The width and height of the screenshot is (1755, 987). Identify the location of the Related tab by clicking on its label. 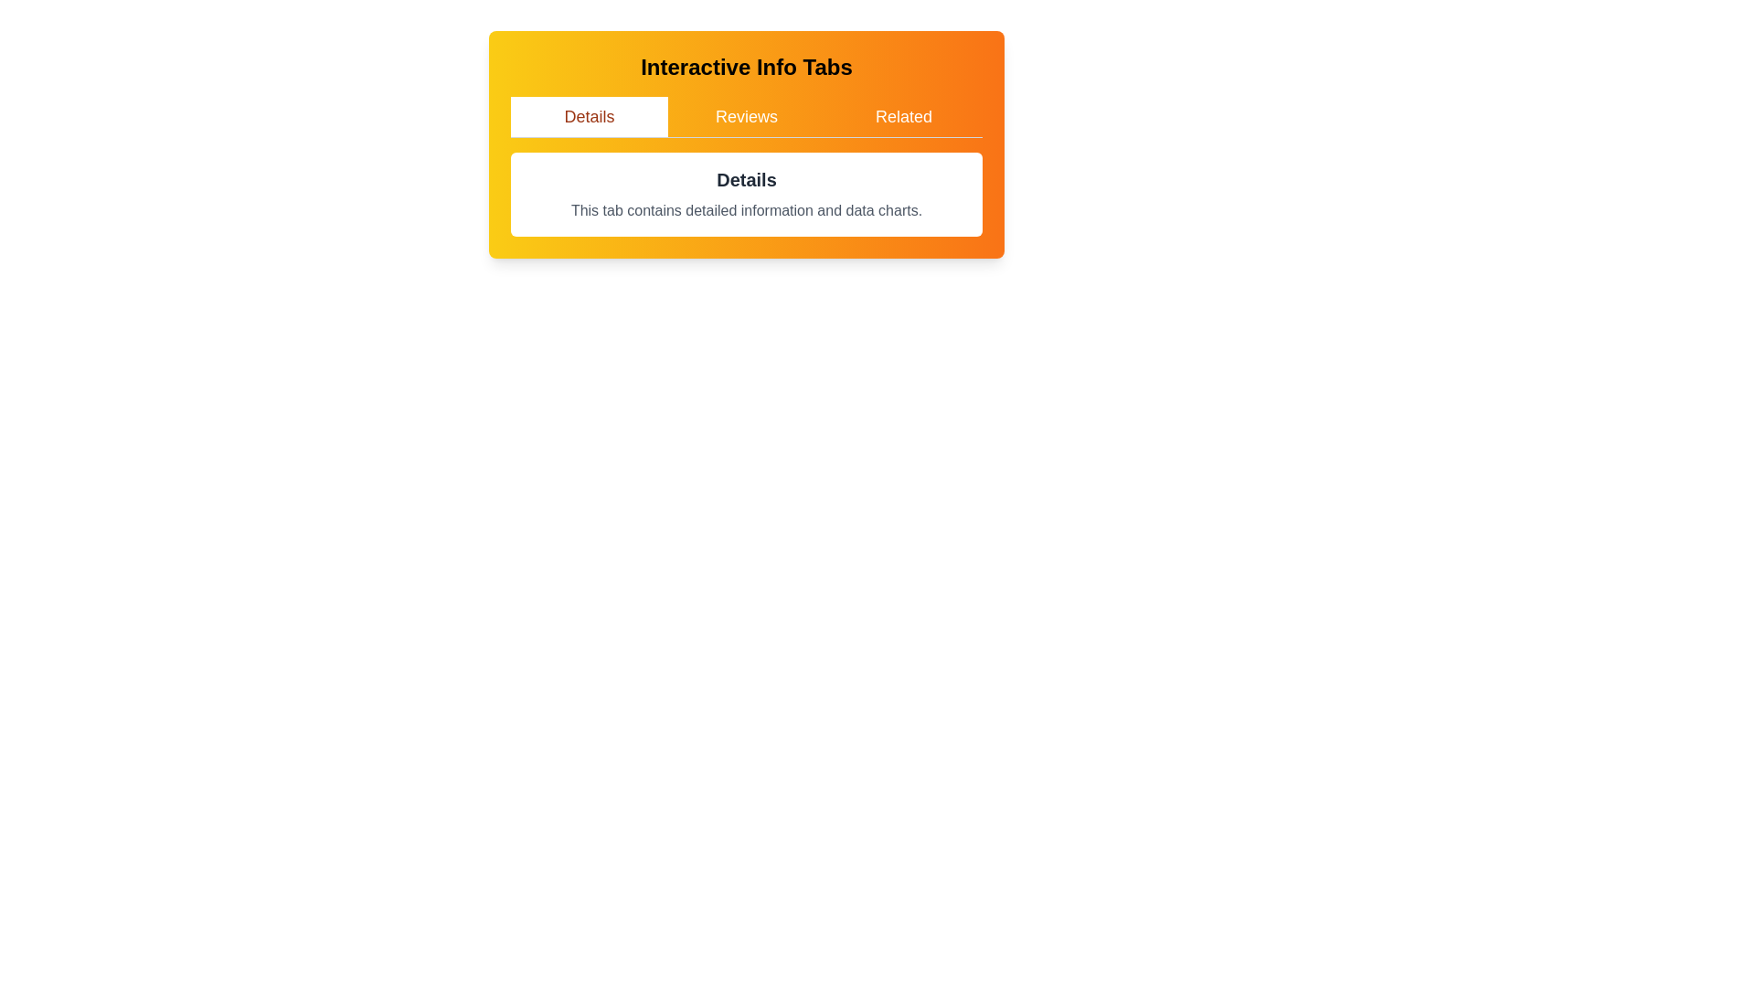
(903, 116).